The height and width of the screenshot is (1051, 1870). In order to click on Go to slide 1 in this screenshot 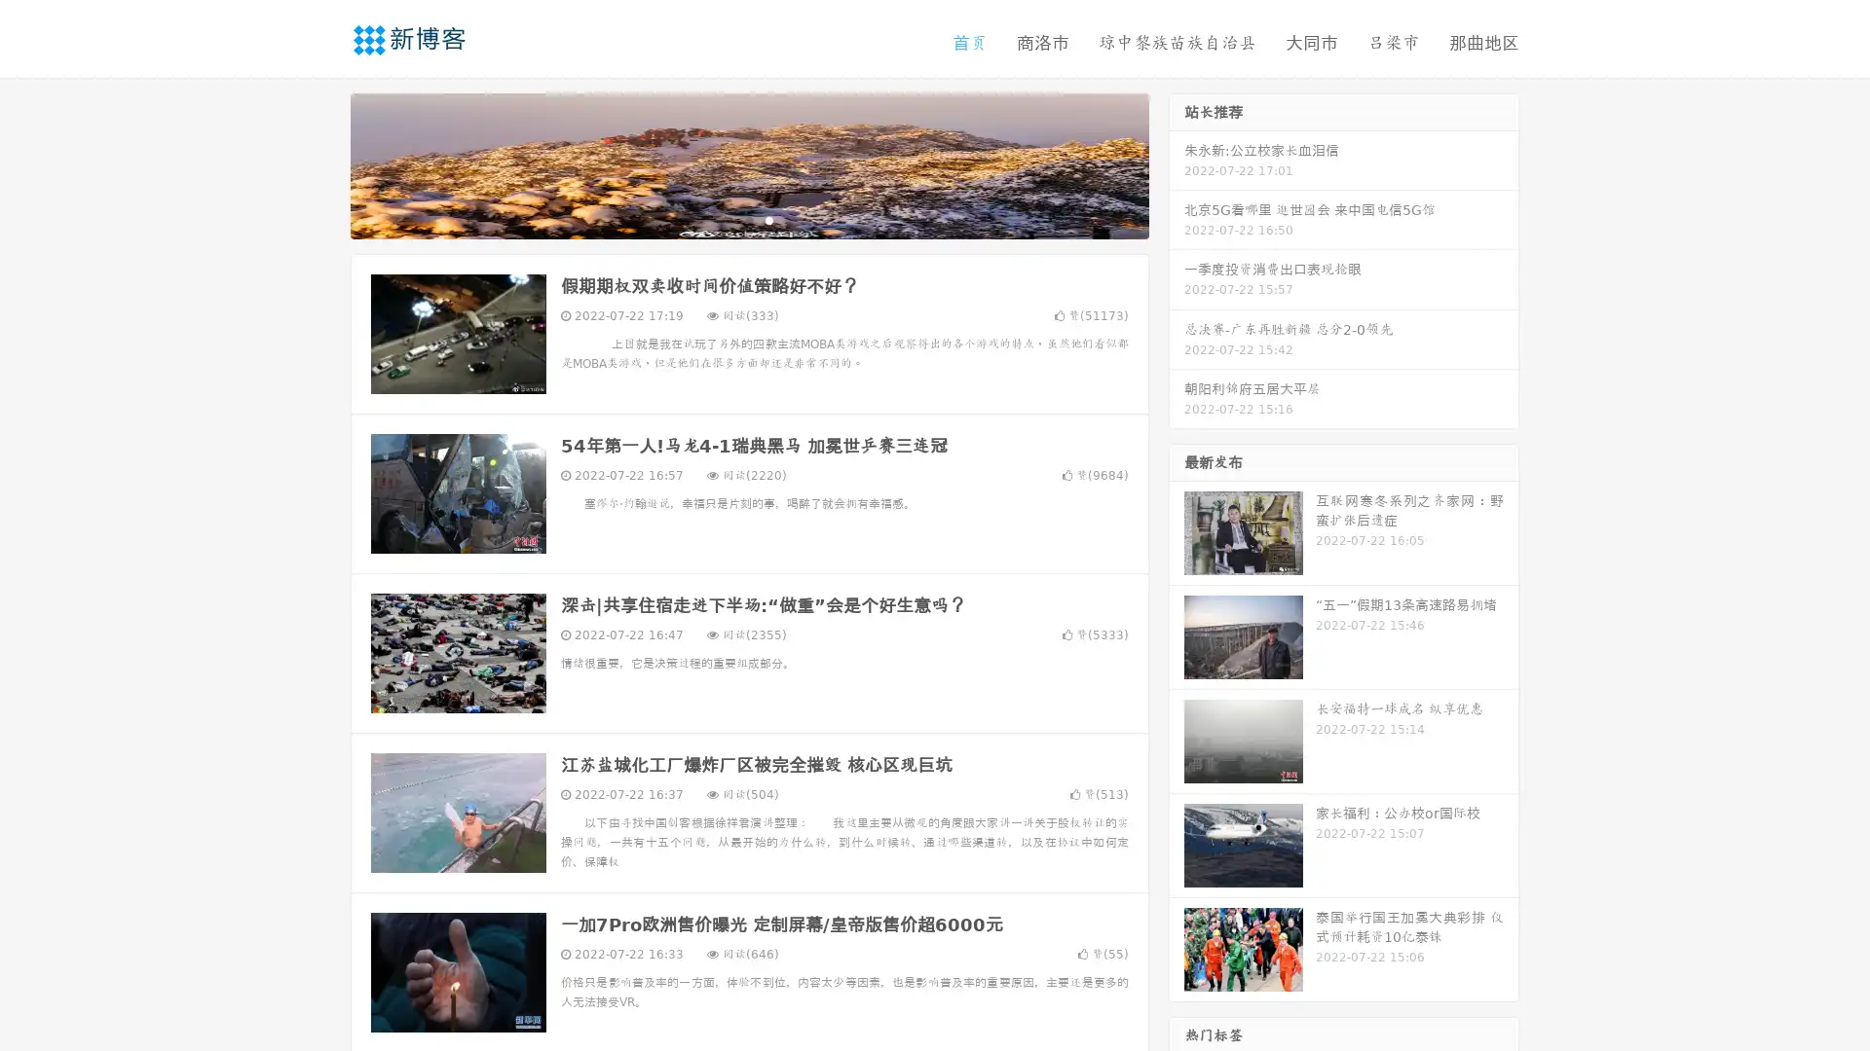, I will do `click(729, 219)`.